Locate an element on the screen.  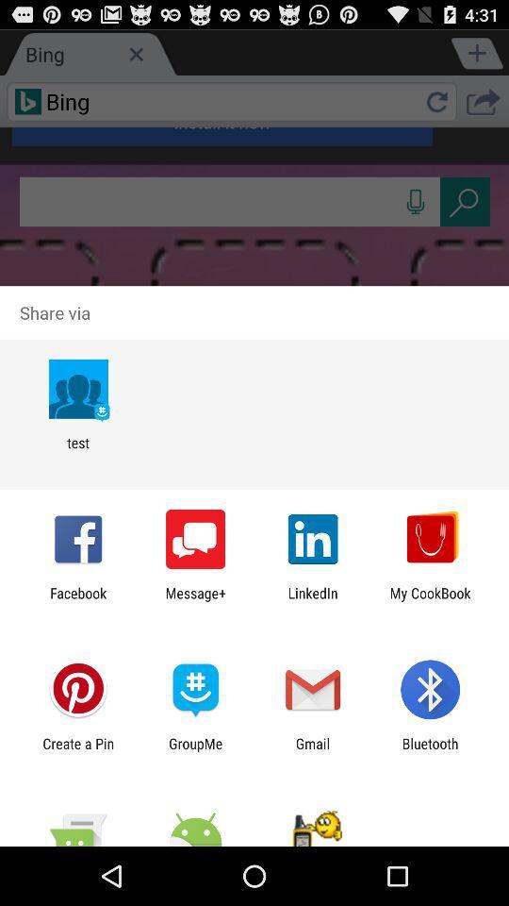
the item to the right of message+ app is located at coordinates (313, 600).